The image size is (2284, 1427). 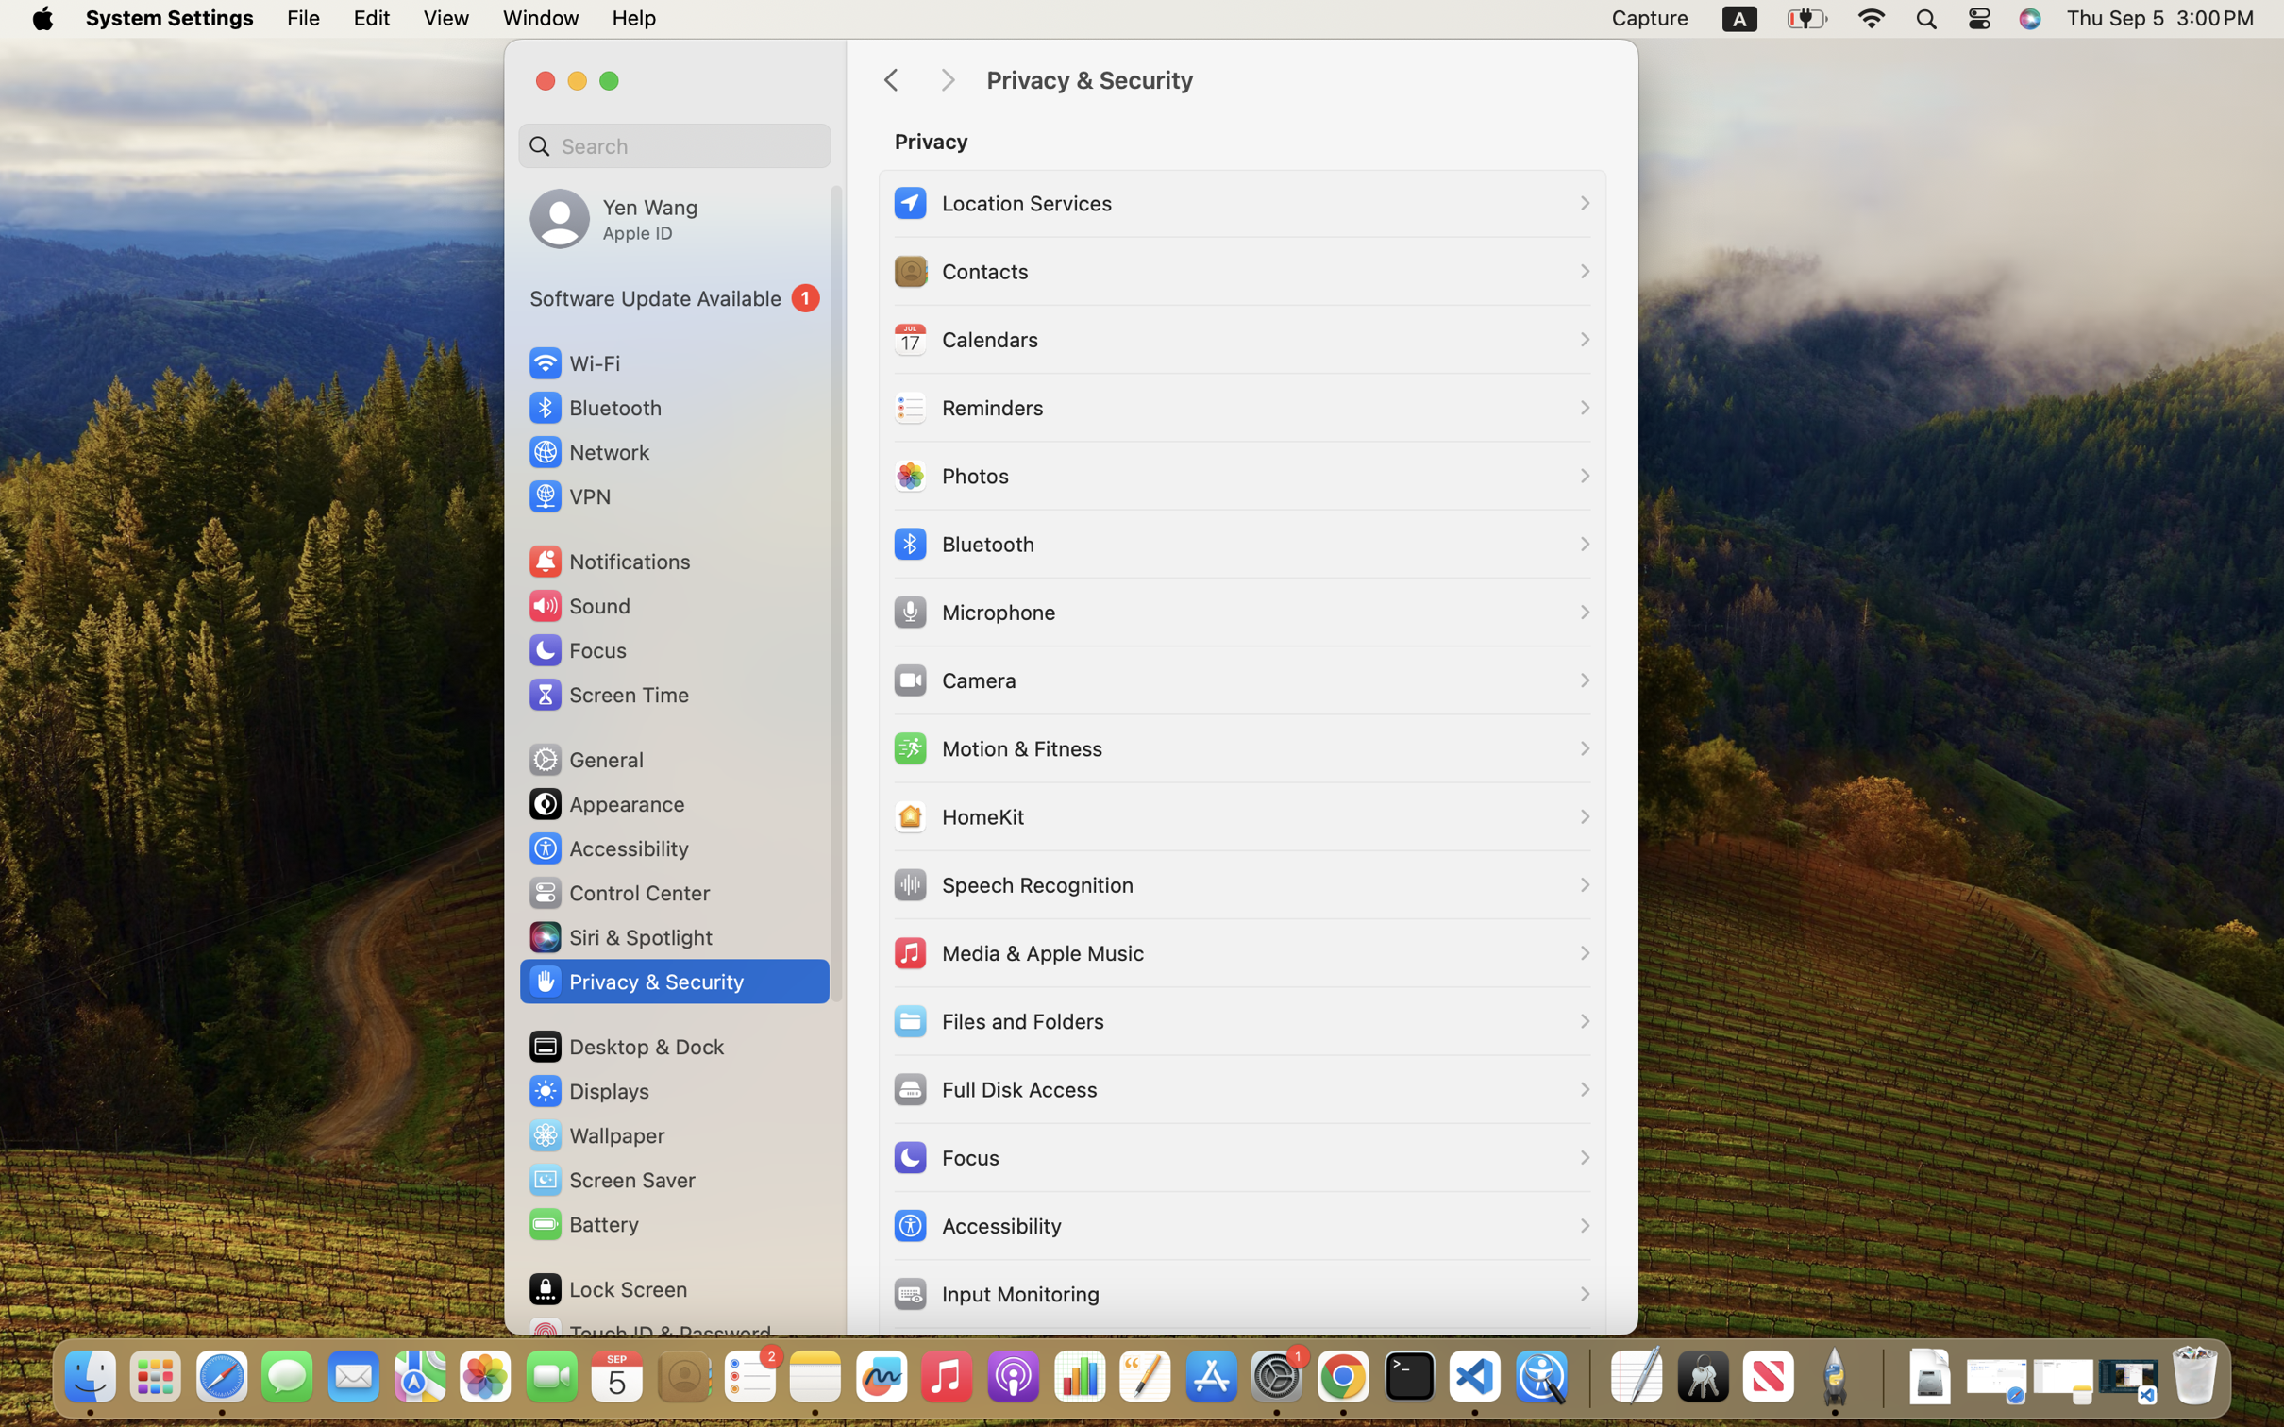 I want to click on 'Appearance', so click(x=605, y=803).